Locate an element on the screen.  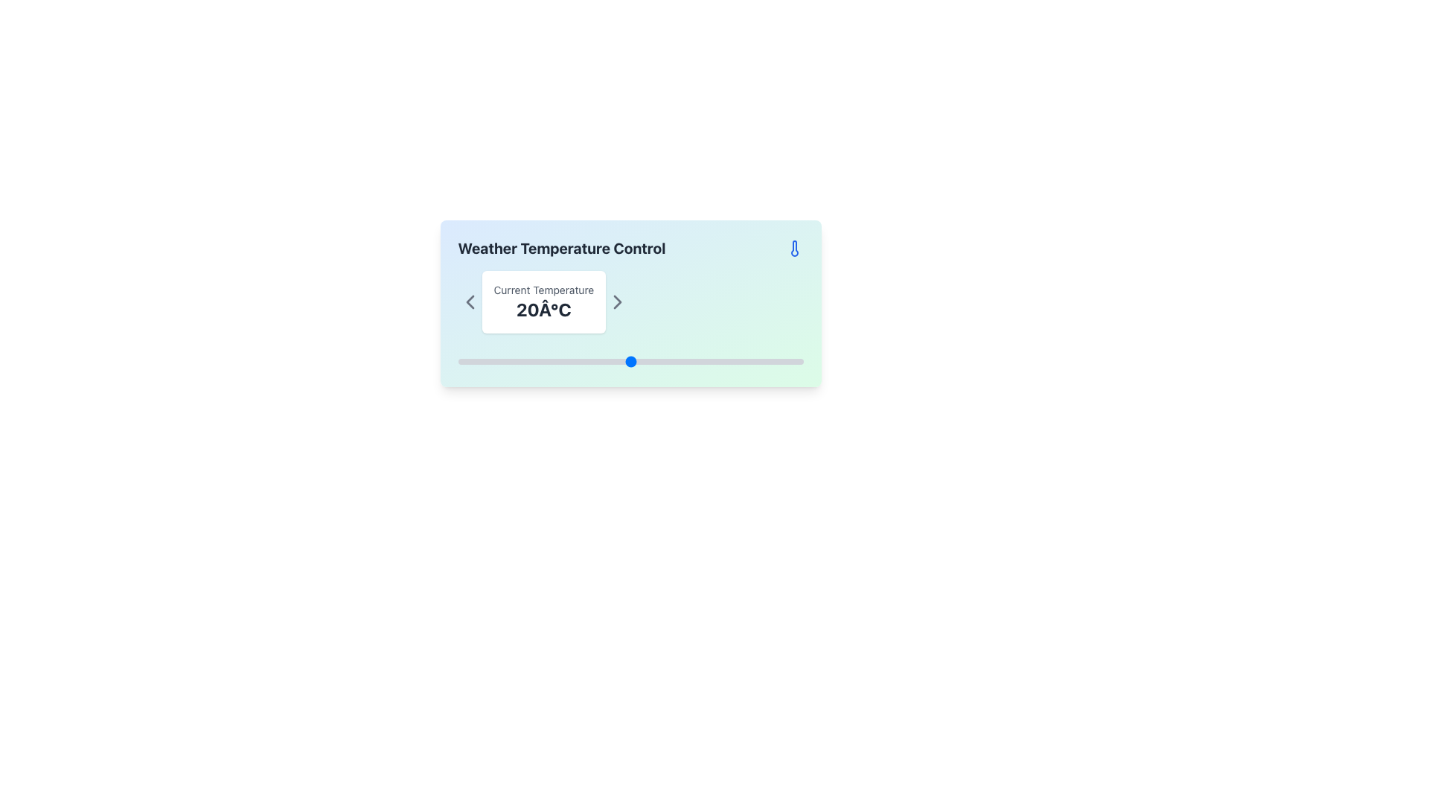
temperature is located at coordinates (586, 362).